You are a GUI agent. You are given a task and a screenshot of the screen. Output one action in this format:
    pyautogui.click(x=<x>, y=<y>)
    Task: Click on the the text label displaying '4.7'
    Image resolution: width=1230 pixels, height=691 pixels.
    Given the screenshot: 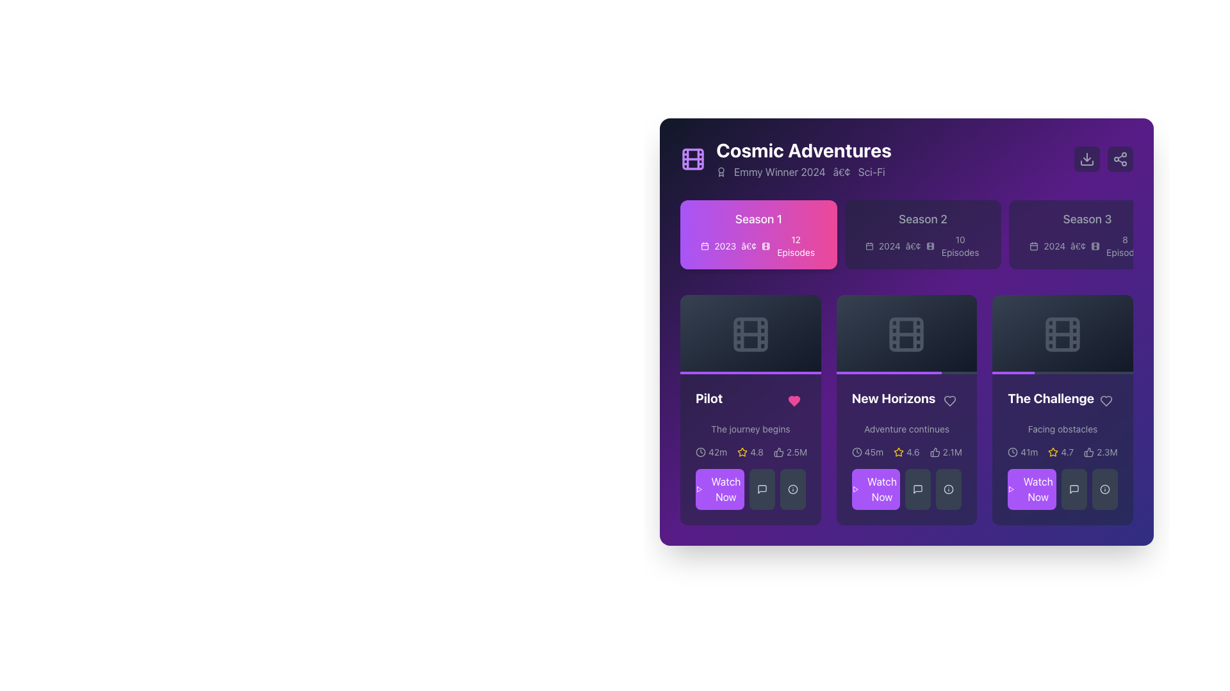 What is the action you would take?
    pyautogui.click(x=1067, y=451)
    